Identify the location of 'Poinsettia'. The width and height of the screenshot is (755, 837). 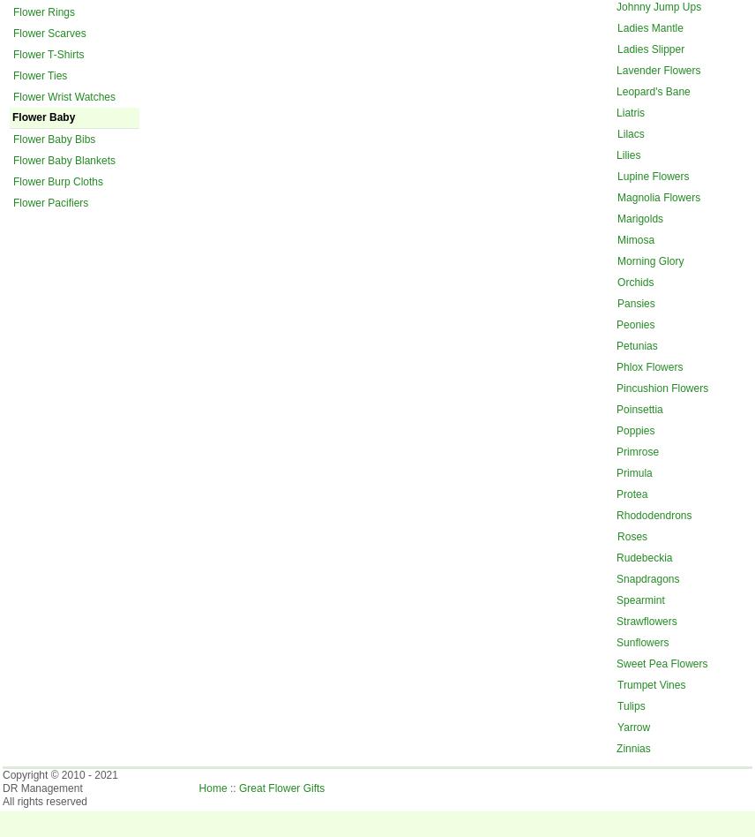
(639, 408).